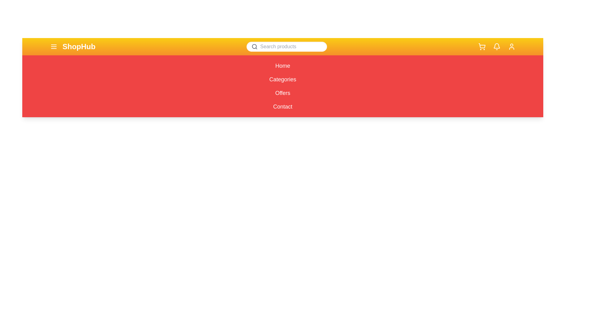  What do you see at coordinates (282, 66) in the screenshot?
I see `the 'Home' link in the navigation bar` at bounding box center [282, 66].